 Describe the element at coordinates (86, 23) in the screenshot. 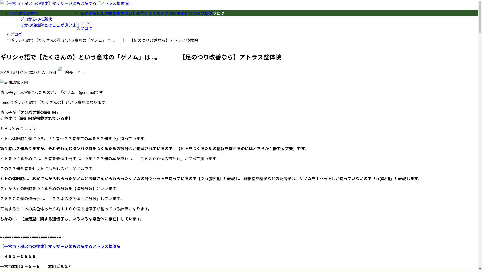

I see `'HOME'` at that location.